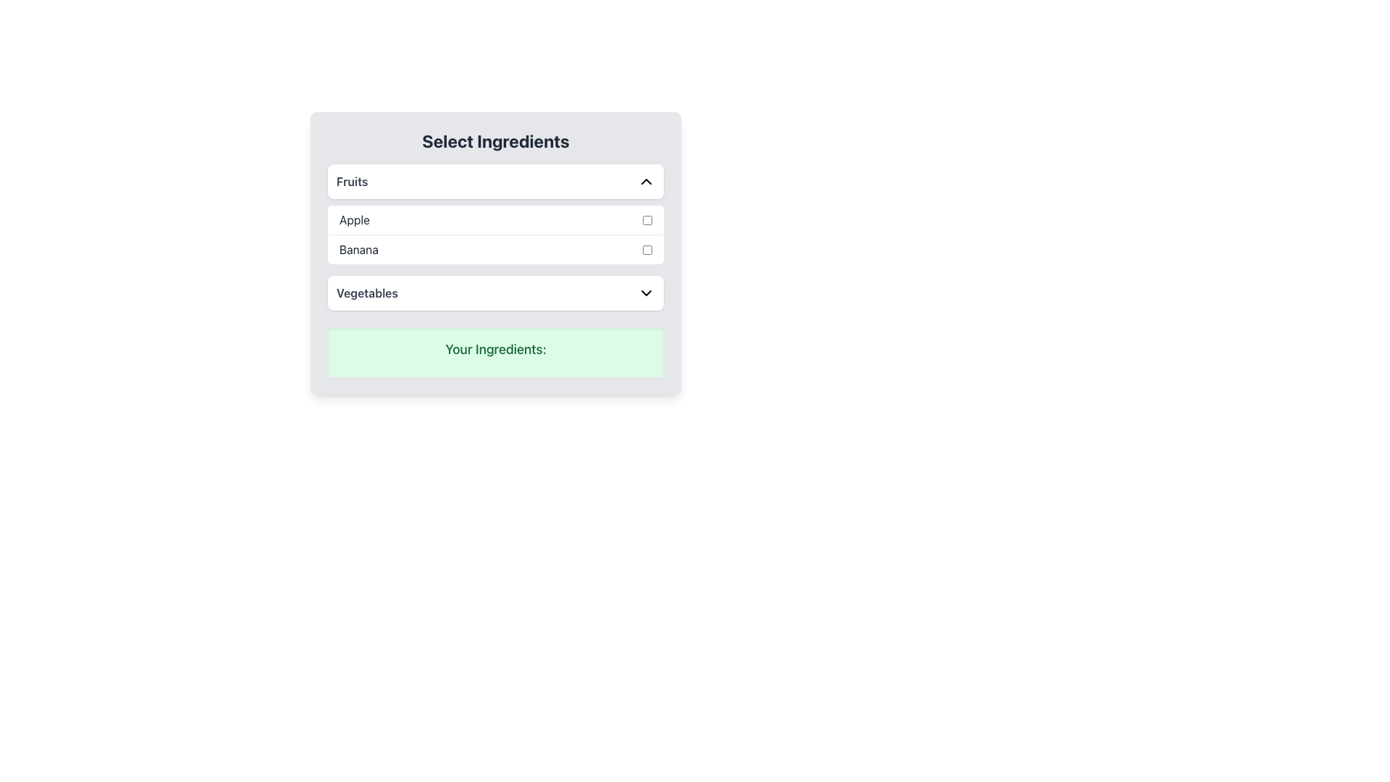 The image size is (1390, 782). I want to click on the static text label 'Apple' which represents an item in the 'Fruits' selection list, positioned to the left of a checkbox element, so click(354, 220).